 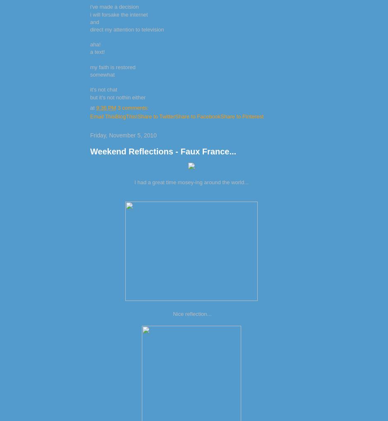 What do you see at coordinates (102, 75) in the screenshot?
I see `'somewhat'` at bounding box center [102, 75].